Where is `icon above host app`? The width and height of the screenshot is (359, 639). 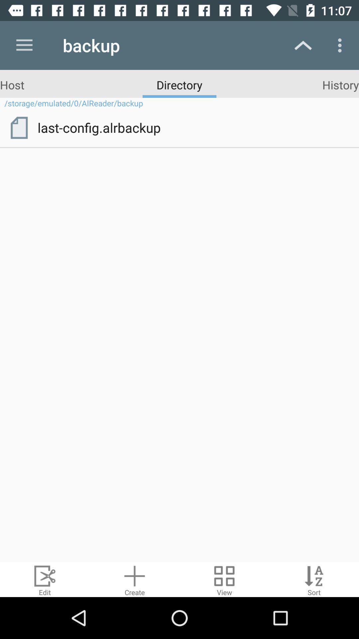
icon above host app is located at coordinates (24, 45).